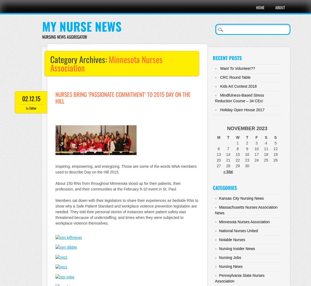  What do you see at coordinates (236, 137) in the screenshot?
I see `'W'` at bounding box center [236, 137].